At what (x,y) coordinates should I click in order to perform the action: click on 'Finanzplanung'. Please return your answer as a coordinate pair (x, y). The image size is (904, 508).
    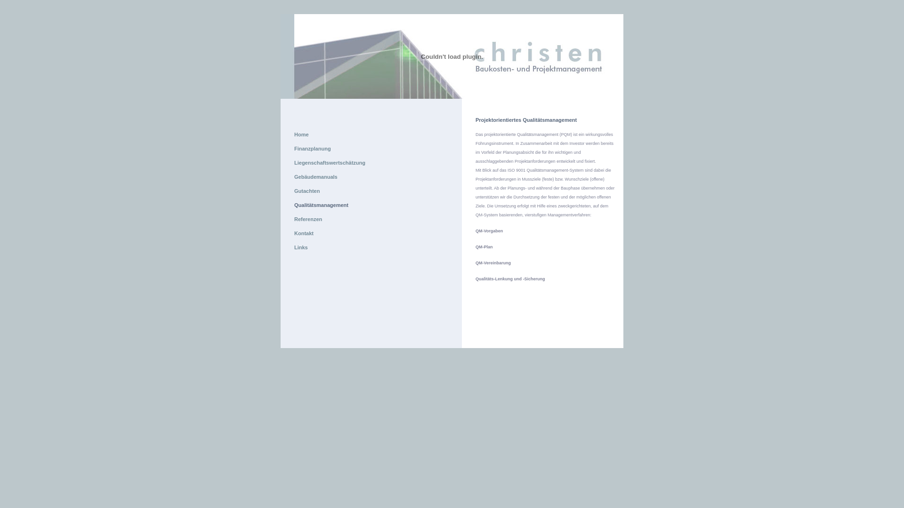
    Looking at the image, I should click on (312, 148).